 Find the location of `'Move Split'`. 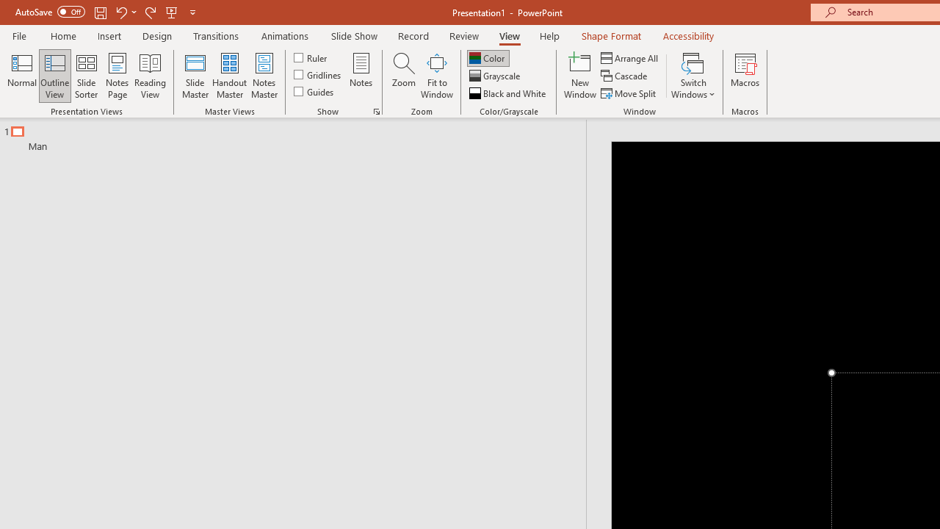

'Move Split' is located at coordinates (629, 93).